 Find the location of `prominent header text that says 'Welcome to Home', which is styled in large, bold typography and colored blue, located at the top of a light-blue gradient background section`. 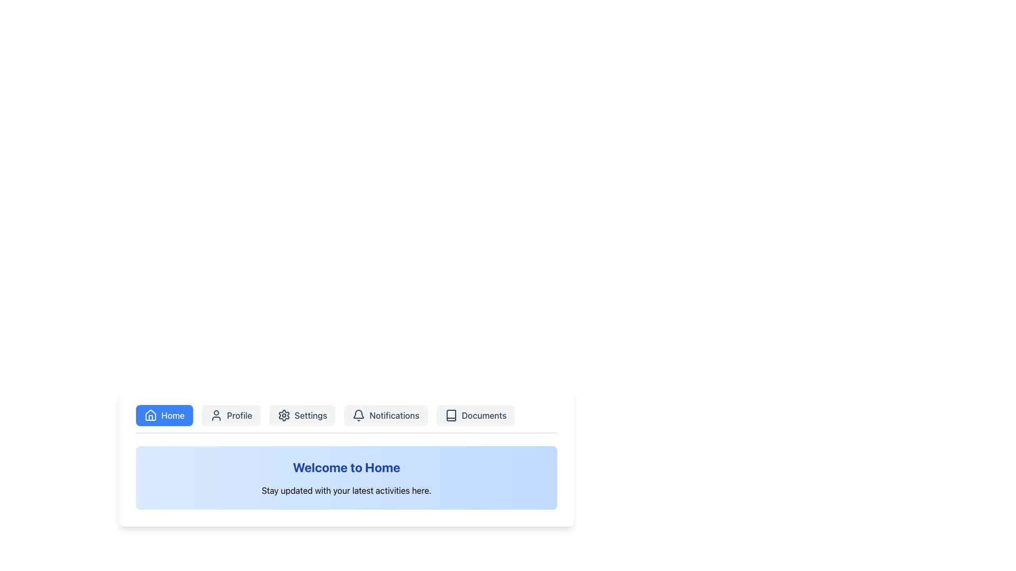

prominent header text that says 'Welcome to Home', which is styled in large, bold typography and colored blue, located at the top of a light-blue gradient background section is located at coordinates (346, 466).